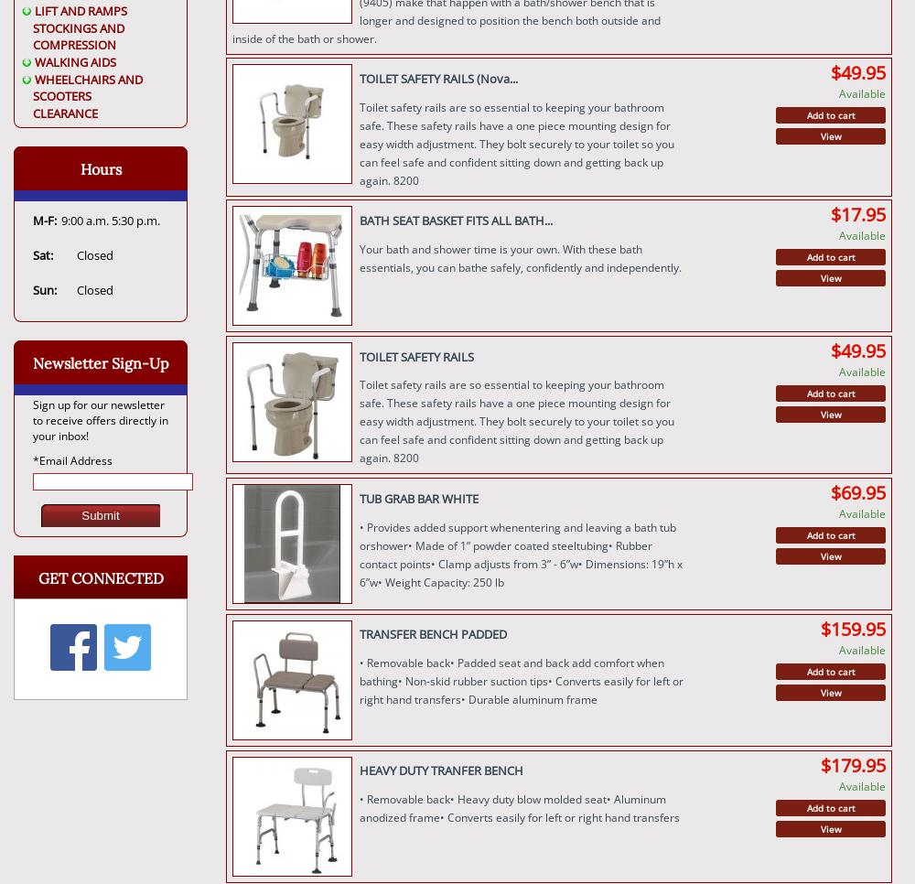  What do you see at coordinates (417, 497) in the screenshot?
I see `'TUB GRAB BAR WHITE'` at bounding box center [417, 497].